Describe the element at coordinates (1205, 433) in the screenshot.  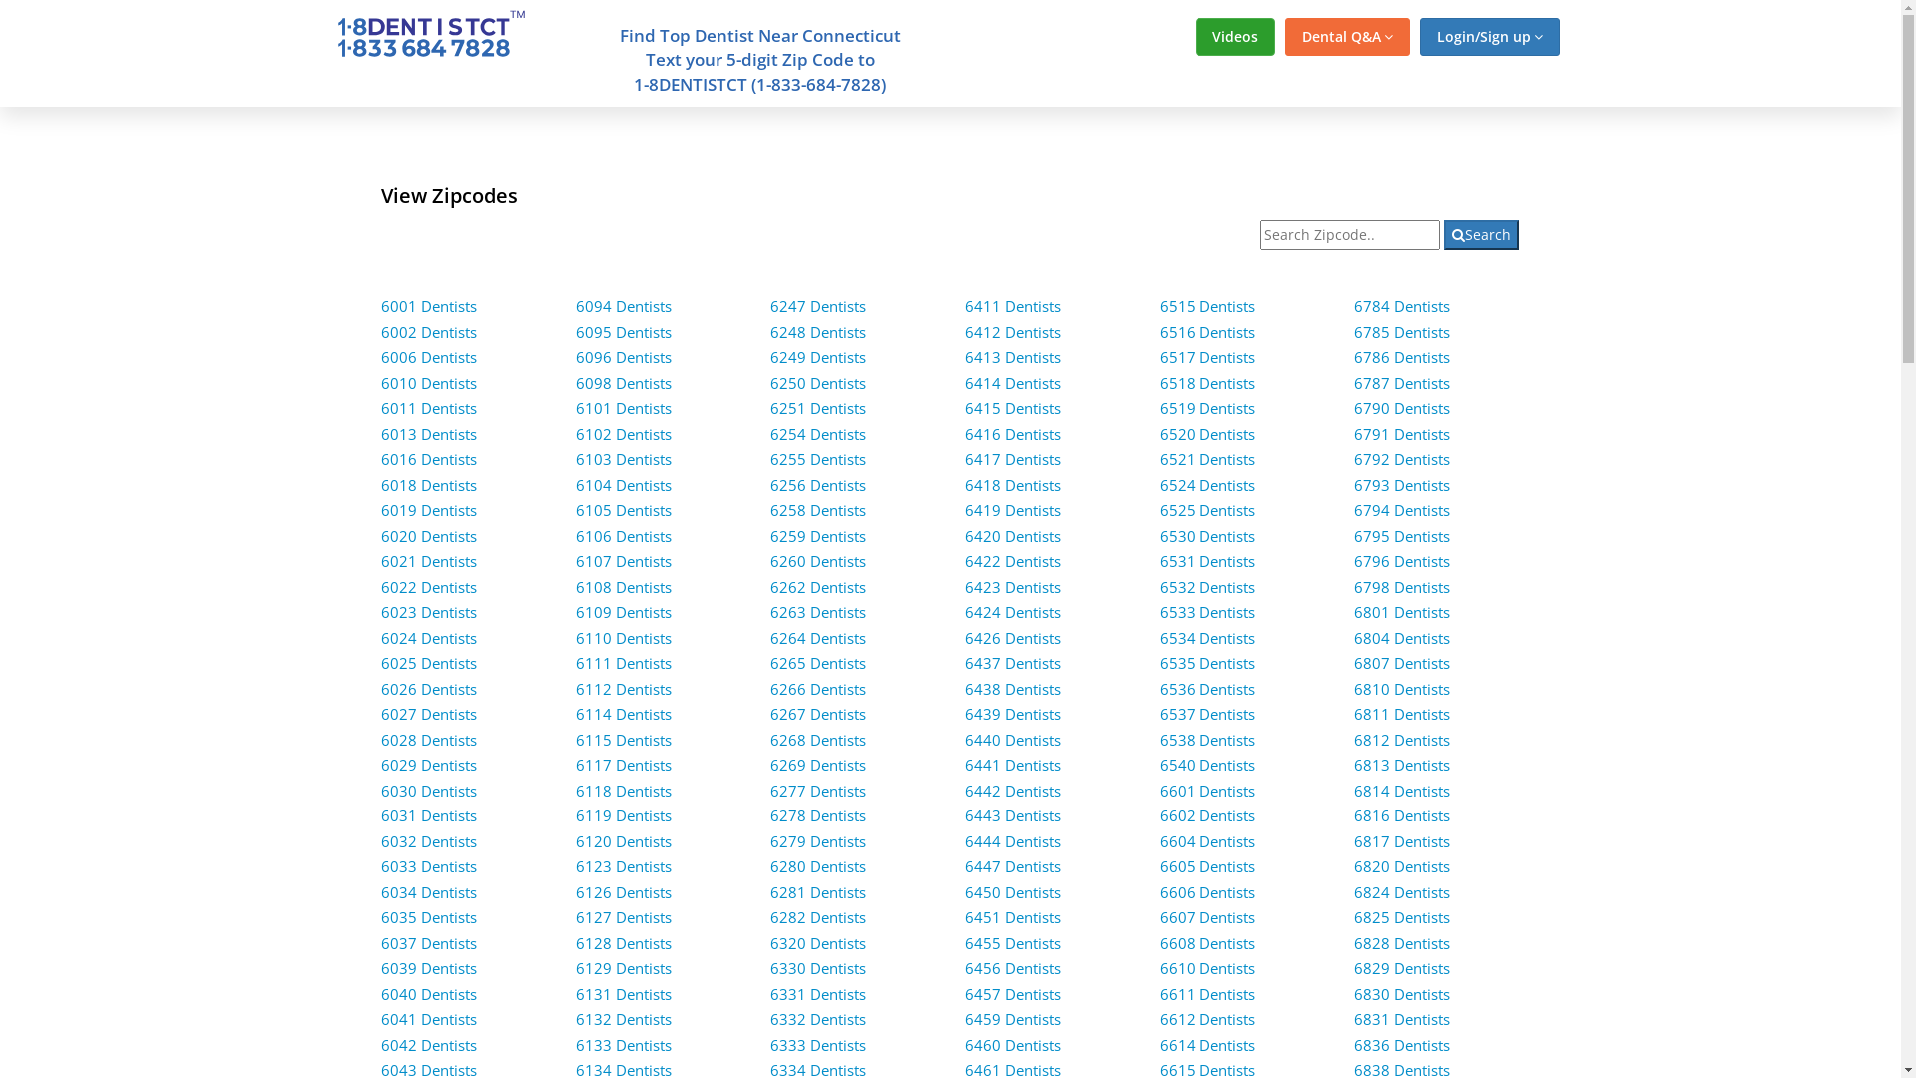
I see `'6520 Dentists'` at that location.